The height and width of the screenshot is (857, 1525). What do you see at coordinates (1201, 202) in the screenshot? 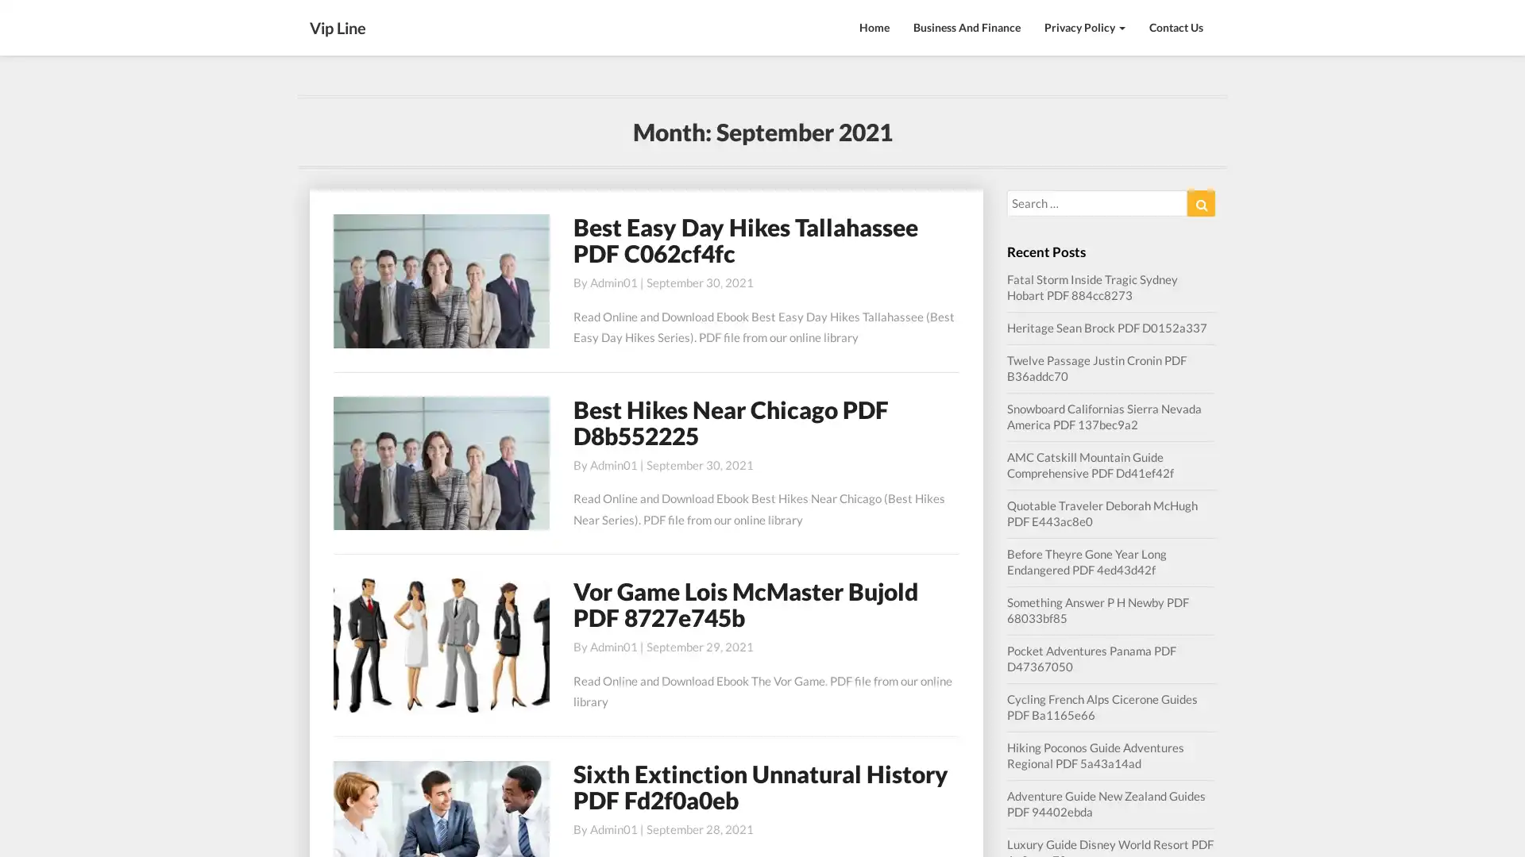
I see `Search` at bounding box center [1201, 202].